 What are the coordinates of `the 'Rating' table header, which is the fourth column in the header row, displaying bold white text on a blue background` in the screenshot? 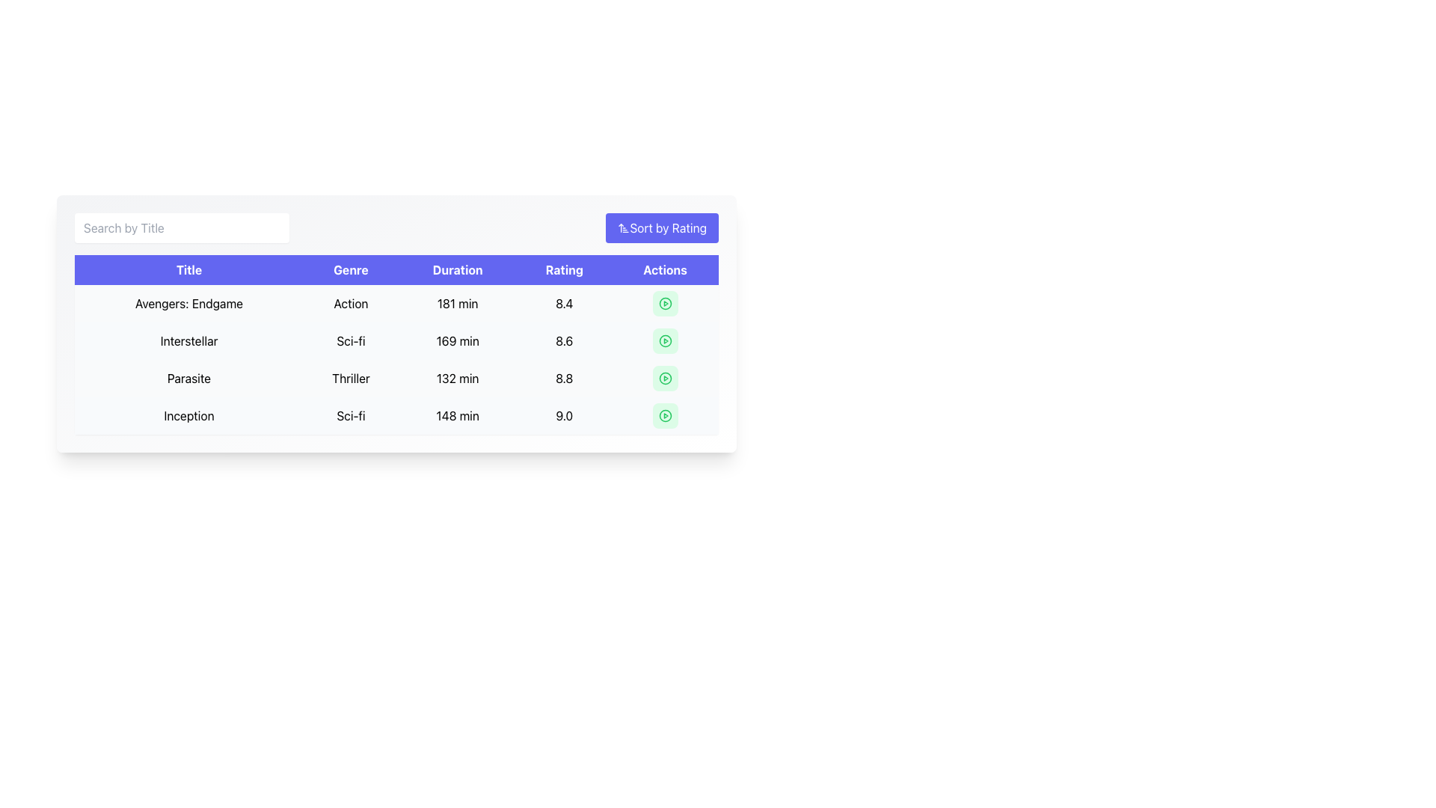 It's located at (563, 270).